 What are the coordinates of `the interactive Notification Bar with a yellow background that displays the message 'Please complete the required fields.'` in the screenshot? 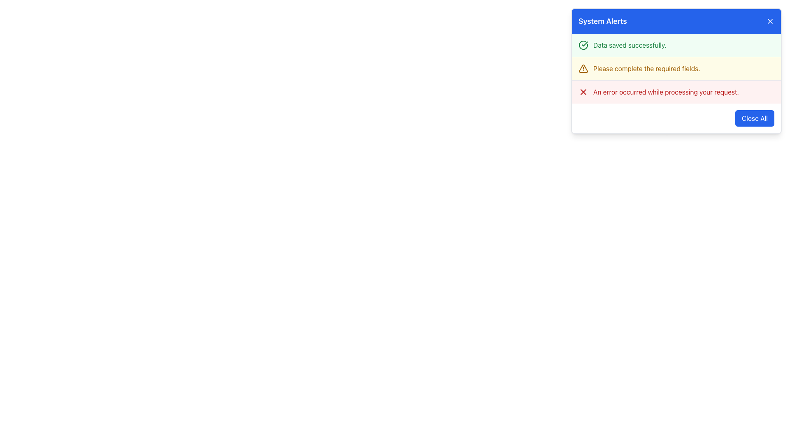 It's located at (676, 67).